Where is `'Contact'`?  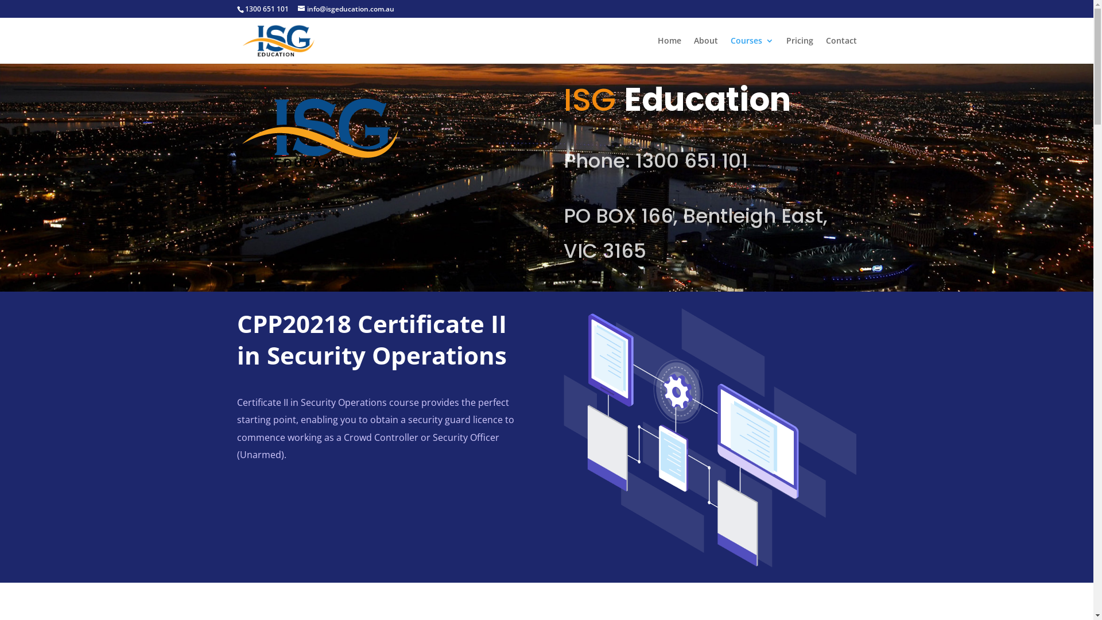 'Contact' is located at coordinates (840, 49).